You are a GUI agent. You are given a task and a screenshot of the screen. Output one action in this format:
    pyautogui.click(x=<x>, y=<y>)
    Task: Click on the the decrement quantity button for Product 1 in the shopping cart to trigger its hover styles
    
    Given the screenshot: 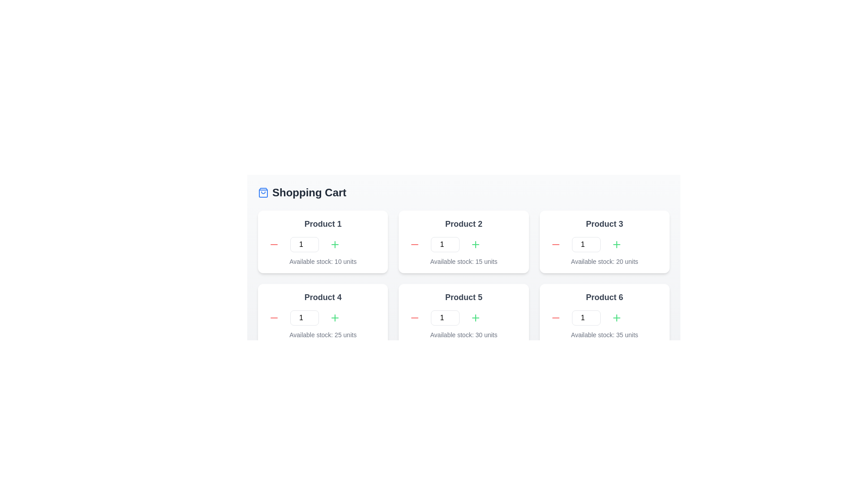 What is the action you would take?
    pyautogui.click(x=273, y=245)
    